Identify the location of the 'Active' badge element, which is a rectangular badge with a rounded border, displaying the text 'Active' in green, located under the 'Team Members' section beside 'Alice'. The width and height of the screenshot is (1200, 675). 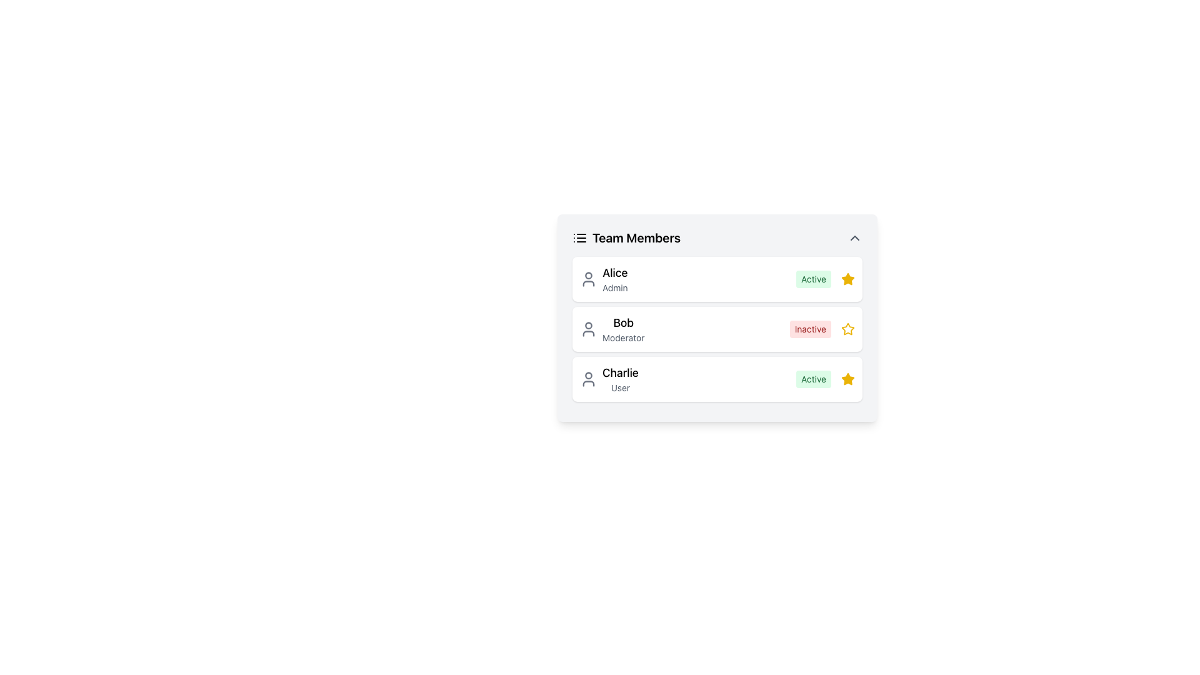
(813, 279).